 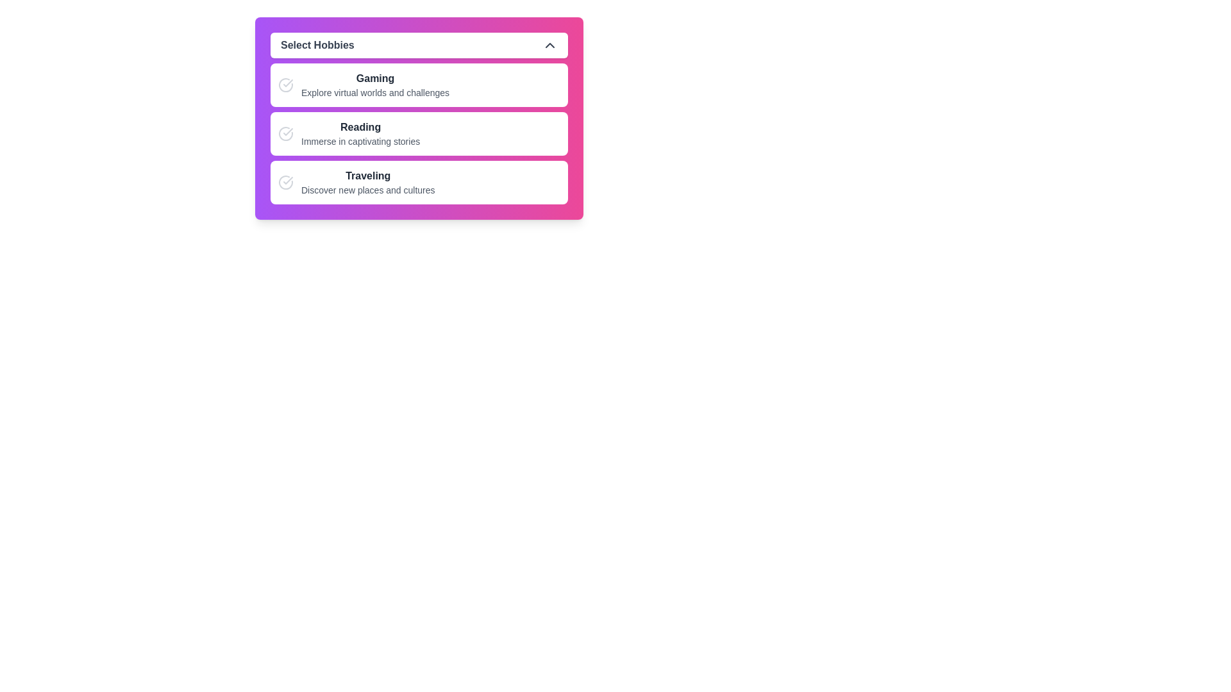 What do you see at coordinates (374, 85) in the screenshot?
I see `the 'Gaming' hobby selection text block, which is the first option in a vertical list of selectable items, located below the 'Select Hobbies' heading and aligned with a checkbox icon` at bounding box center [374, 85].